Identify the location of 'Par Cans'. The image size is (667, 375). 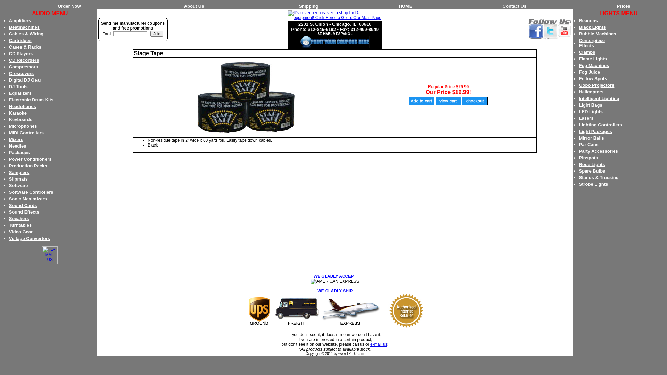
(588, 144).